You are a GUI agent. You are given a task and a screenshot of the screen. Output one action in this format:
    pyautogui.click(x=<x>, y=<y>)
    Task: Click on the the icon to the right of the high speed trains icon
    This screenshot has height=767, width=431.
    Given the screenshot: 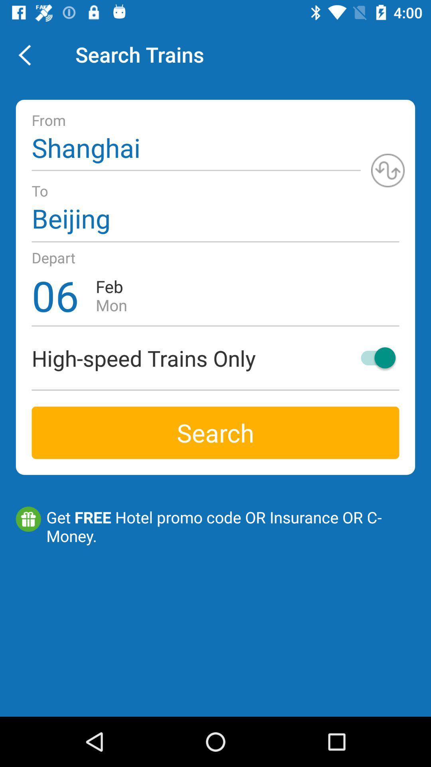 What is the action you would take?
    pyautogui.click(x=374, y=357)
    